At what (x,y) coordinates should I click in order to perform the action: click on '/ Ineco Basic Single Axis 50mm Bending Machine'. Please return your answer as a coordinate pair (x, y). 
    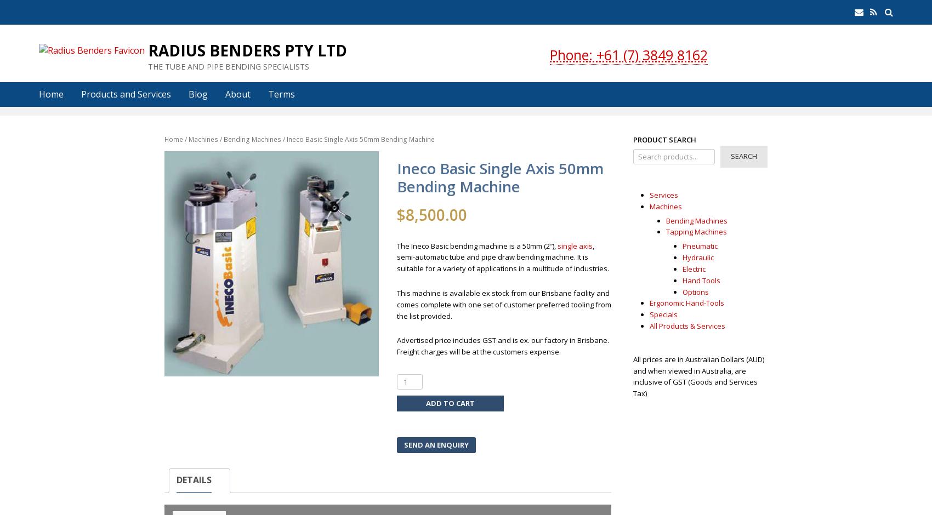
    Looking at the image, I should click on (357, 139).